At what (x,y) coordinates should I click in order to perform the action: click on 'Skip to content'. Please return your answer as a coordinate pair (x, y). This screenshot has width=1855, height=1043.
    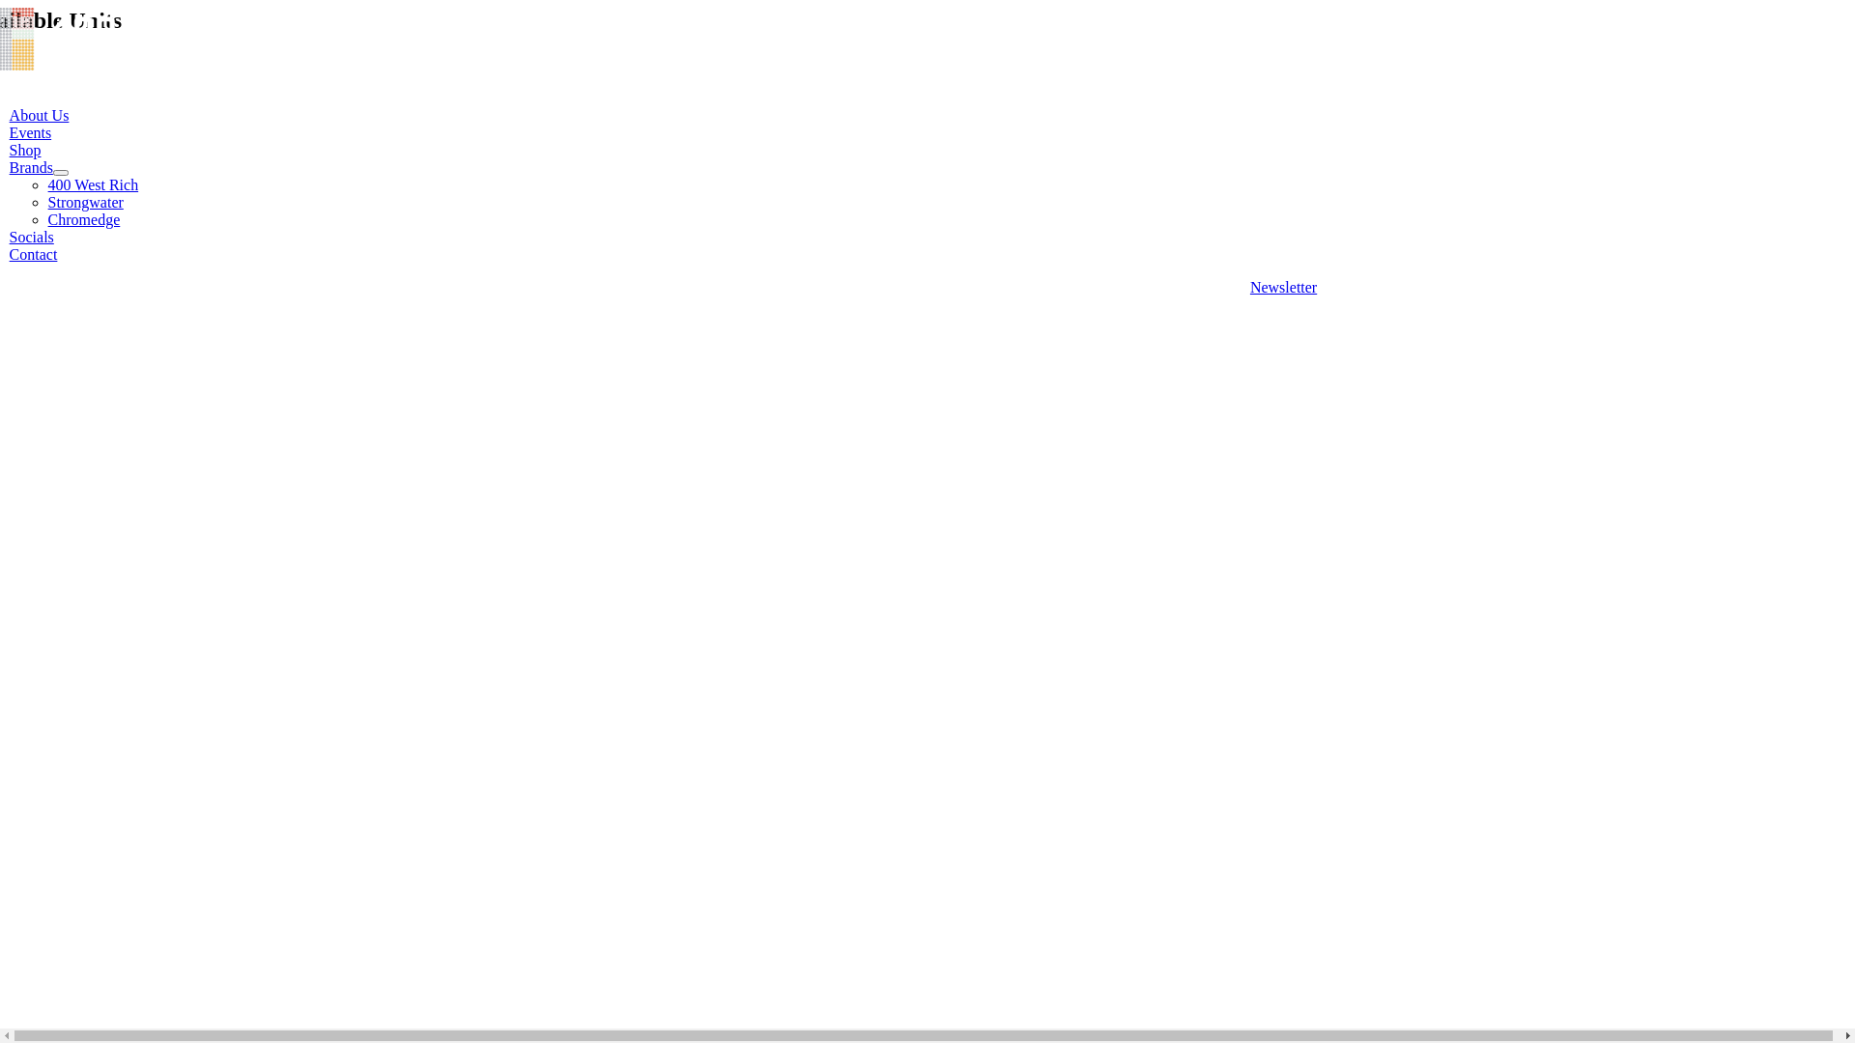
    Looking at the image, I should click on (7, 7).